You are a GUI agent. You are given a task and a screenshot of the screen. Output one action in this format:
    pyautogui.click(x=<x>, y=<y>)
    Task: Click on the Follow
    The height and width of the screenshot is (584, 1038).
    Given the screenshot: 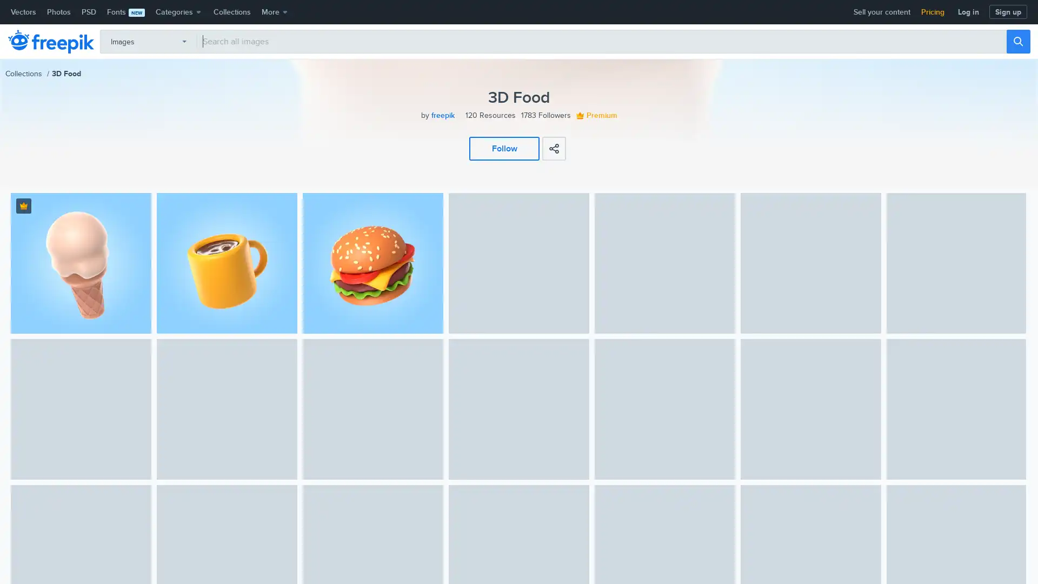 What is the action you would take?
    pyautogui.click(x=503, y=148)
    